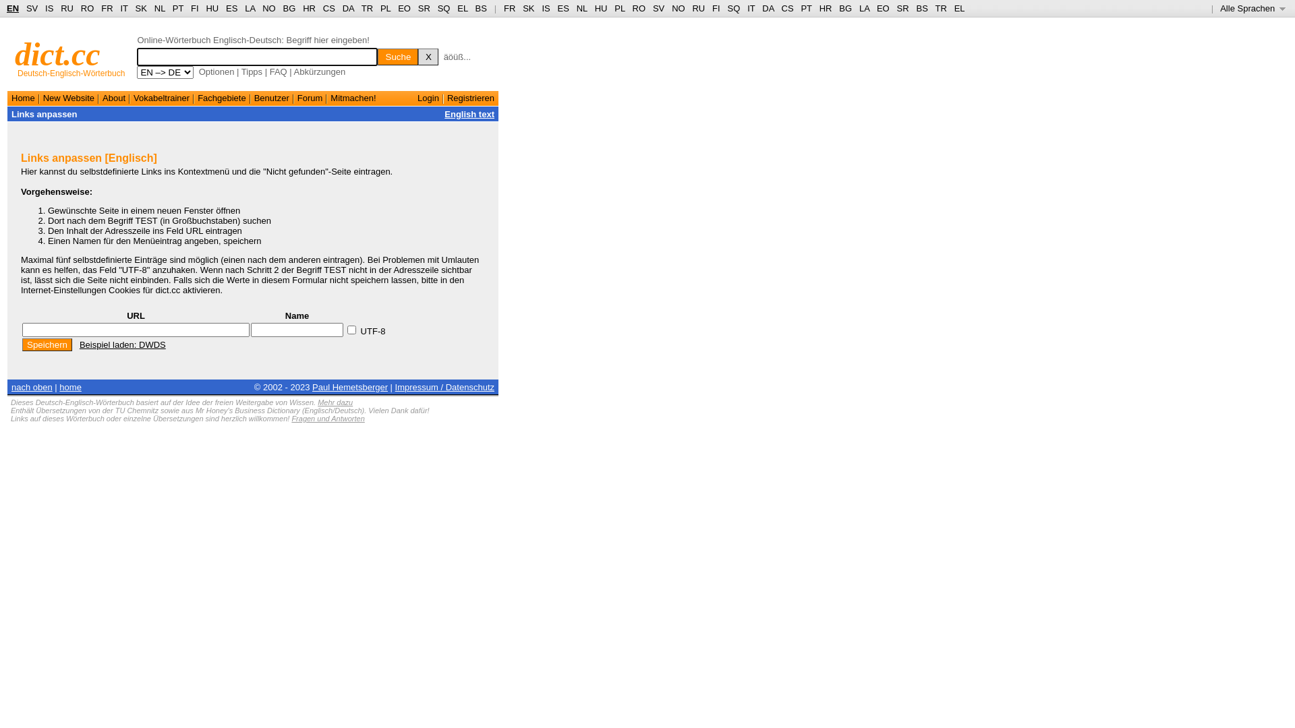 The image size is (1295, 728). Describe the element at coordinates (32, 386) in the screenshot. I see `'nach oben'` at that location.